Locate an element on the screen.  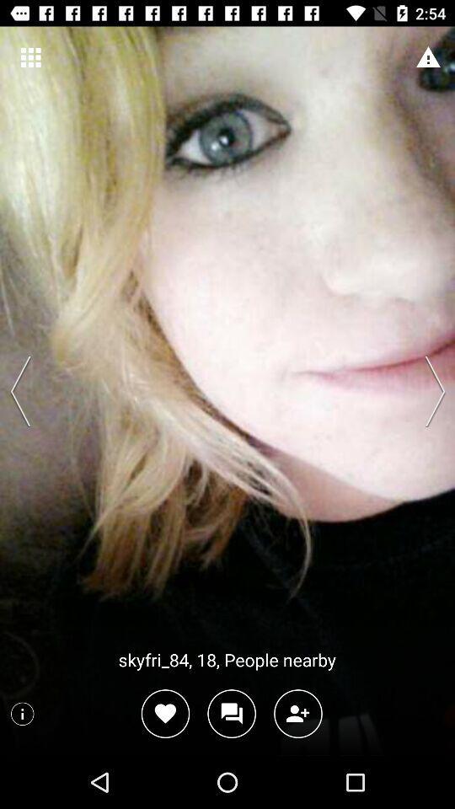
change the person showed show the next person is located at coordinates (430, 391).